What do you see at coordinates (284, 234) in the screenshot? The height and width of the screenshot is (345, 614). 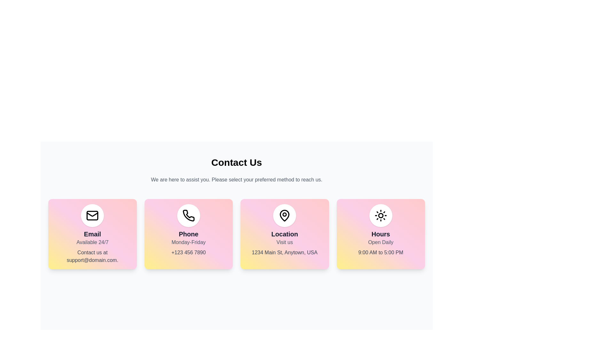 I see `the Information card styled with a gradient from yellow to pink to red, featuring a map pin icon and text headings 'Location', 'Visit us', and '1234 Main St, Anytown, USA'. This card is the third in a grid layout of four cards` at bounding box center [284, 234].